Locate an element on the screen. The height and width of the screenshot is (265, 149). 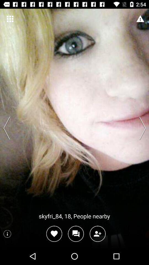
the item below the skyfri_84 18 people is located at coordinates (54, 234).